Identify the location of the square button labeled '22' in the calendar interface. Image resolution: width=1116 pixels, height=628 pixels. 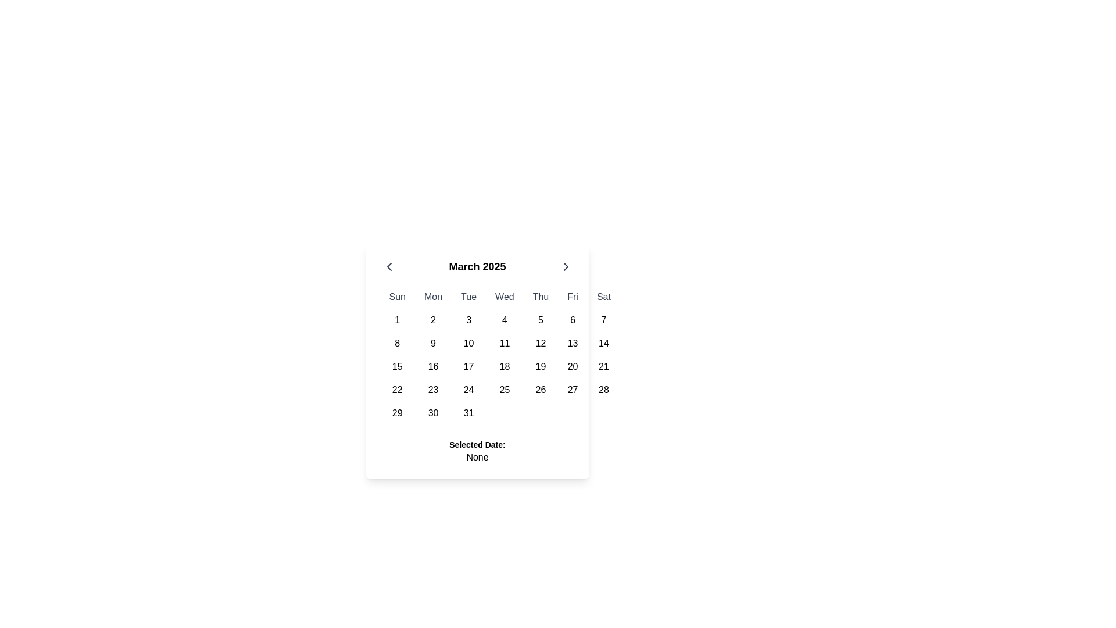
(397, 390).